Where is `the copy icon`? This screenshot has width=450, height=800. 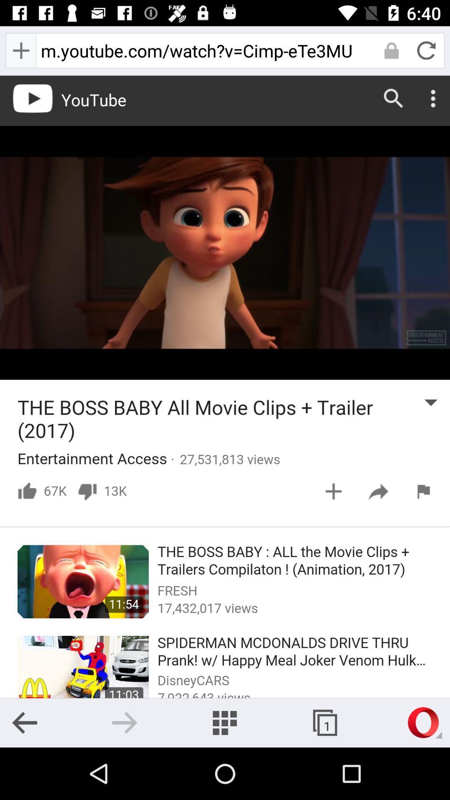
the copy icon is located at coordinates (324, 722).